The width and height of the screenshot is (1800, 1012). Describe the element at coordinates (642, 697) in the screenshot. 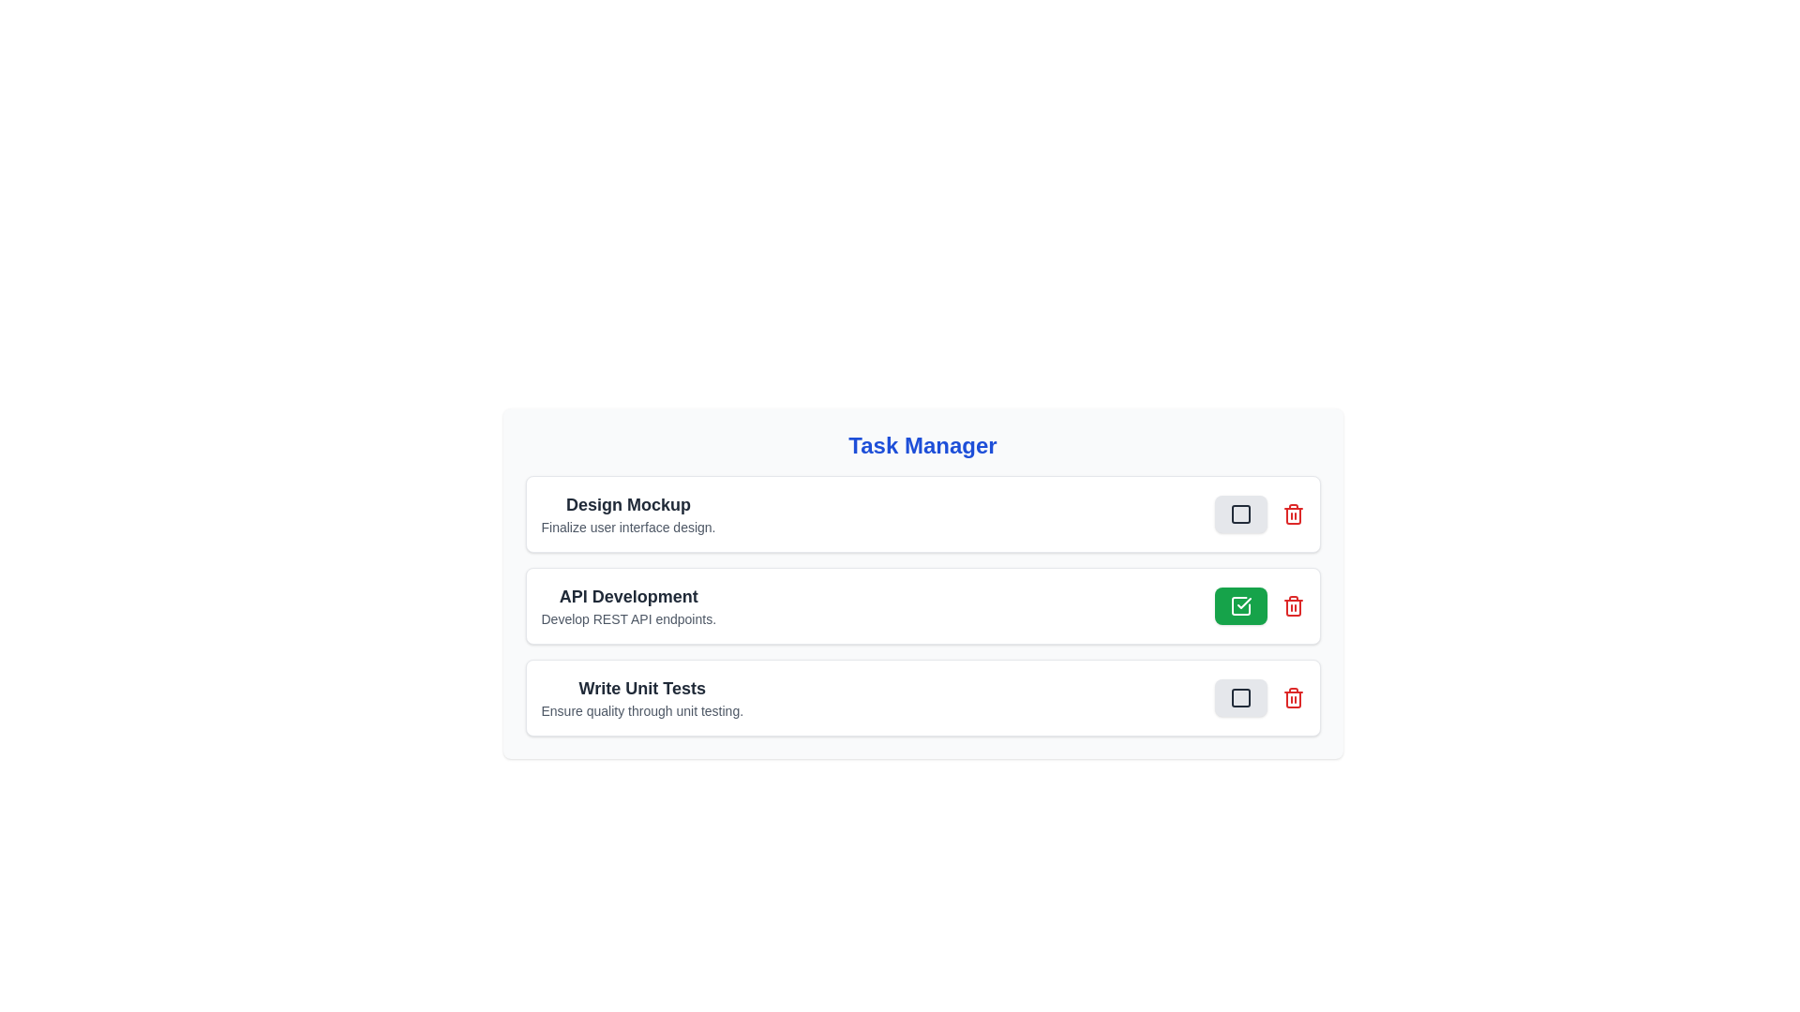

I see `the task title and description element located in the third task card of the task management application` at that location.